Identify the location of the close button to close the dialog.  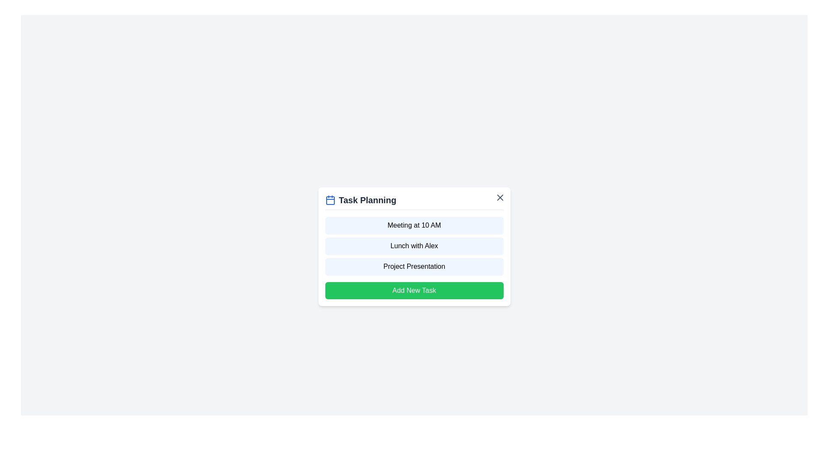
(500, 197).